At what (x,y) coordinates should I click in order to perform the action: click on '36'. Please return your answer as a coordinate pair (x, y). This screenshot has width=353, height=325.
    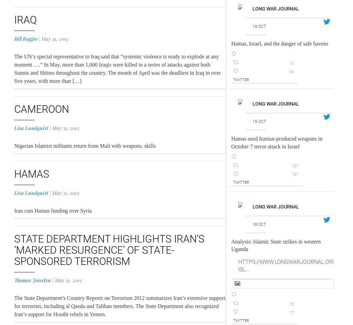
    Looking at the image, I should click on (290, 71).